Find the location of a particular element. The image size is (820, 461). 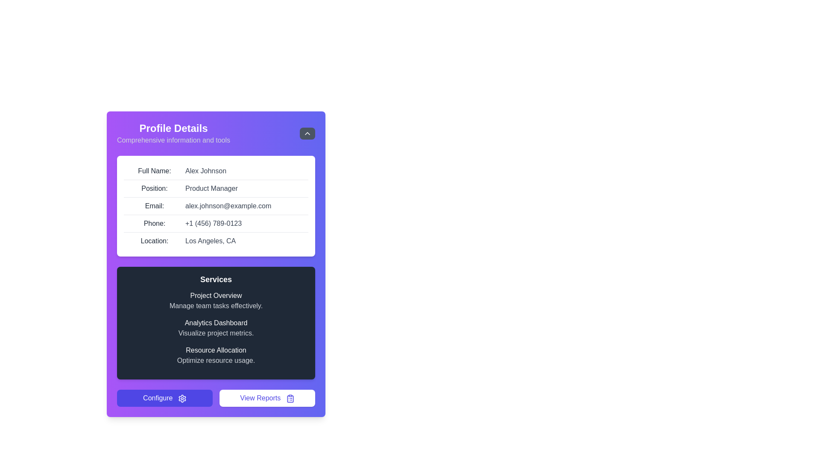

the text label that clearly indicates the title for the adjacent user name, which is positioned to the left of the text 'Alex Johnson' is located at coordinates (154, 171).